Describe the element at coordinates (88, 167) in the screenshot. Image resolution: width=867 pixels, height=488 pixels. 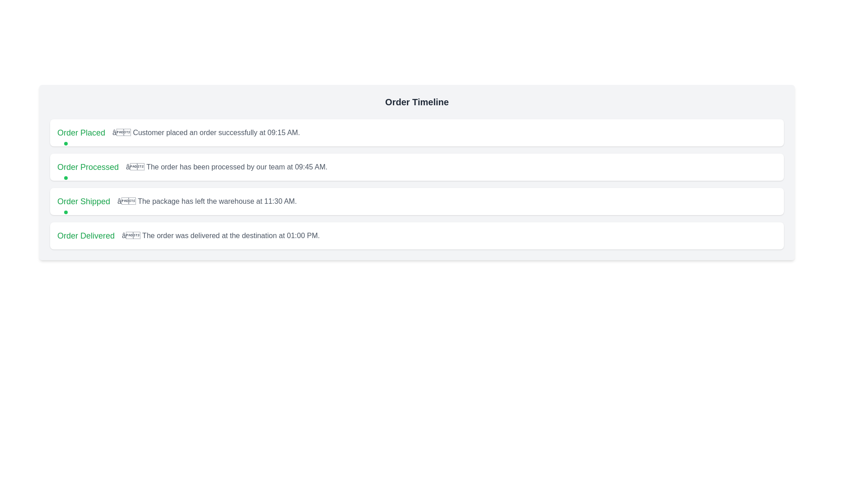
I see `the static text element labeled 'Order Processed' which is styled in a large, bold green font and indicates the status in the order timeline` at that location.